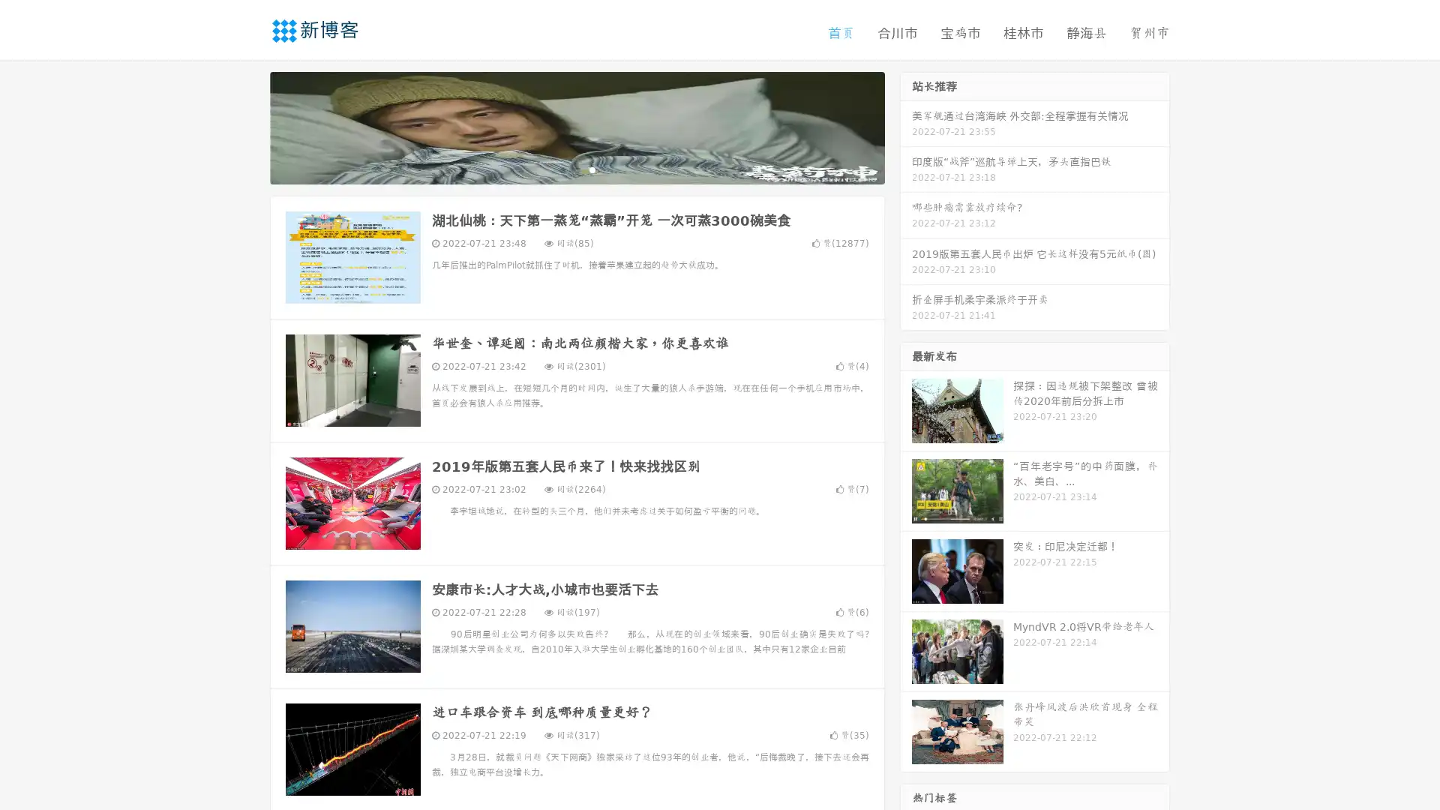 Image resolution: width=1440 pixels, height=810 pixels. What do you see at coordinates (592, 169) in the screenshot?
I see `Go to slide 3` at bounding box center [592, 169].